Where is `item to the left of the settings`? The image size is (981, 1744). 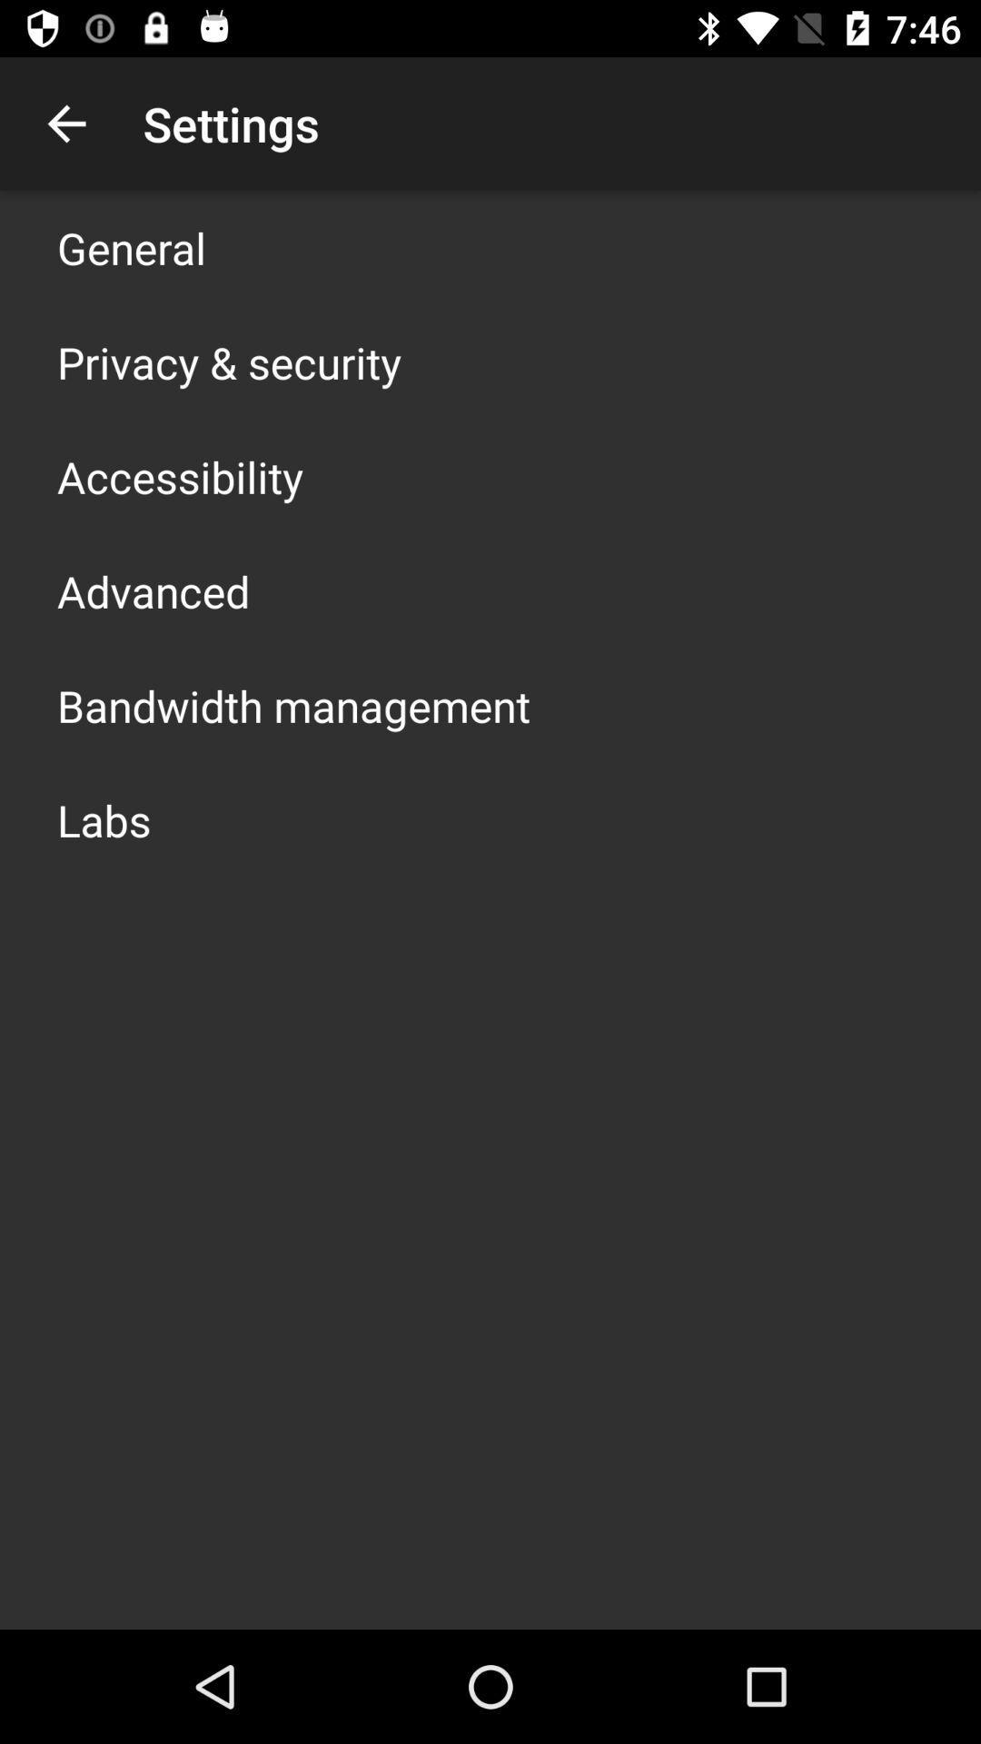
item to the left of the settings is located at coordinates (65, 123).